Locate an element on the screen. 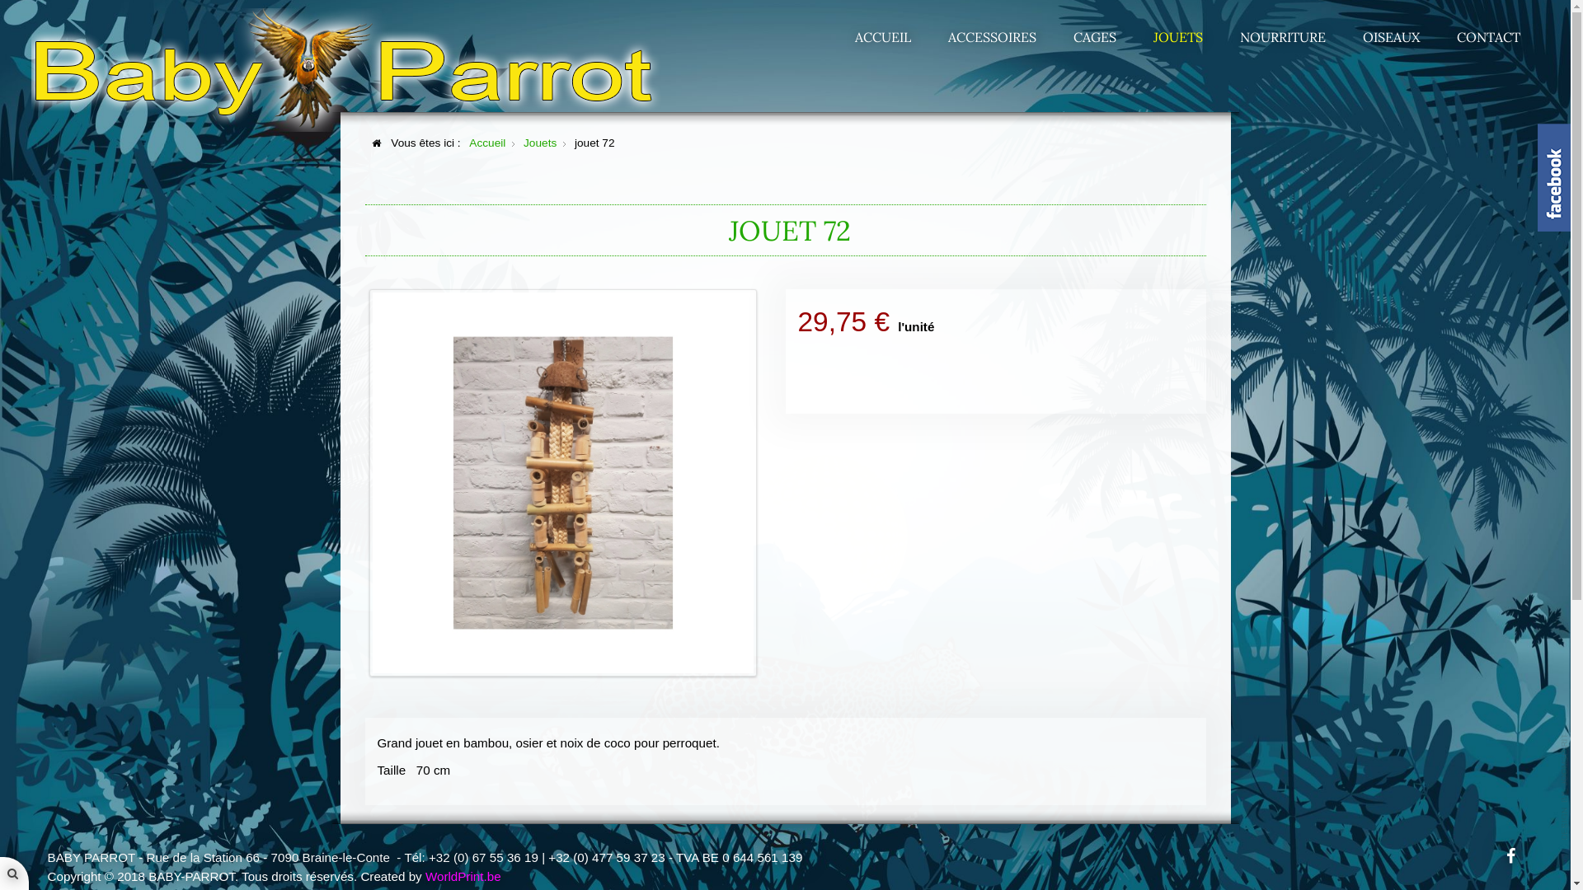 The height and width of the screenshot is (890, 1583). 'NOURRITURE' is located at coordinates (1281, 37).